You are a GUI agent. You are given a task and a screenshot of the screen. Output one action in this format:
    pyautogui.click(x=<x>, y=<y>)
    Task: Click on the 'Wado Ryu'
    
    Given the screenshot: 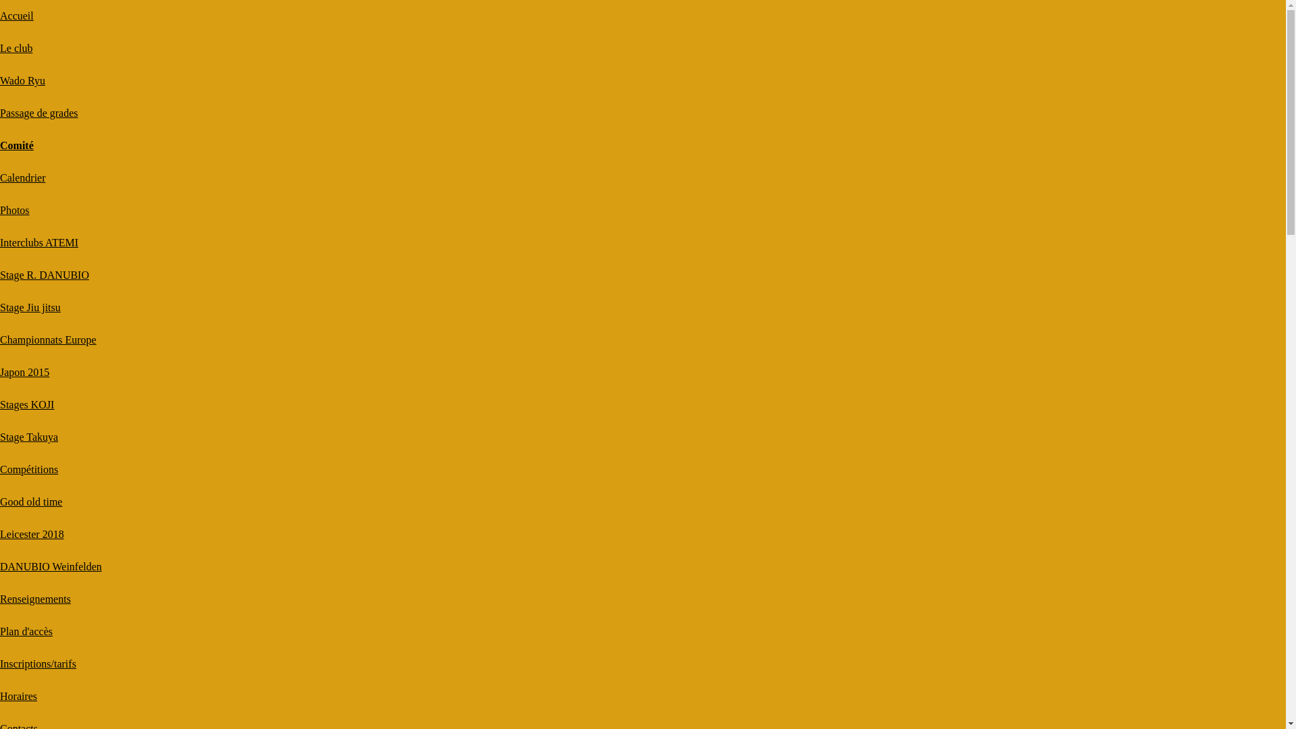 What is the action you would take?
    pyautogui.click(x=0, y=80)
    